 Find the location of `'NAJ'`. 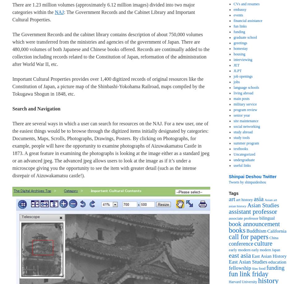

'NAJ' is located at coordinates (59, 12).